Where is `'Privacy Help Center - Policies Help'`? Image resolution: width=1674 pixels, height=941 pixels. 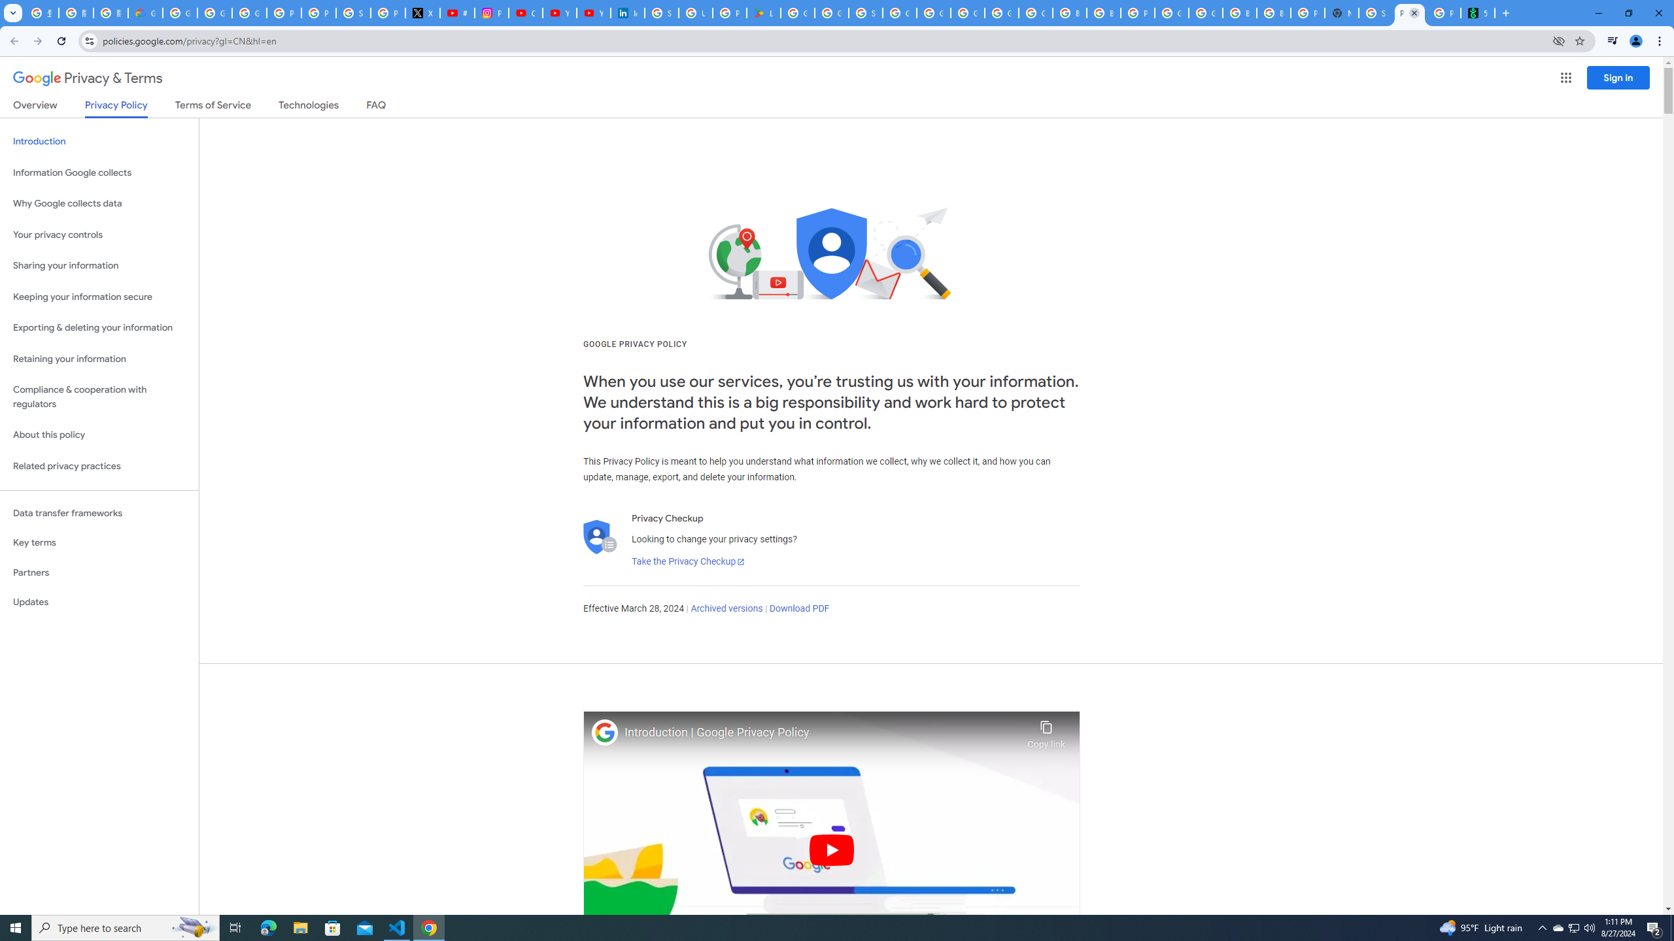
'Privacy Help Center - Policies Help' is located at coordinates (318, 12).